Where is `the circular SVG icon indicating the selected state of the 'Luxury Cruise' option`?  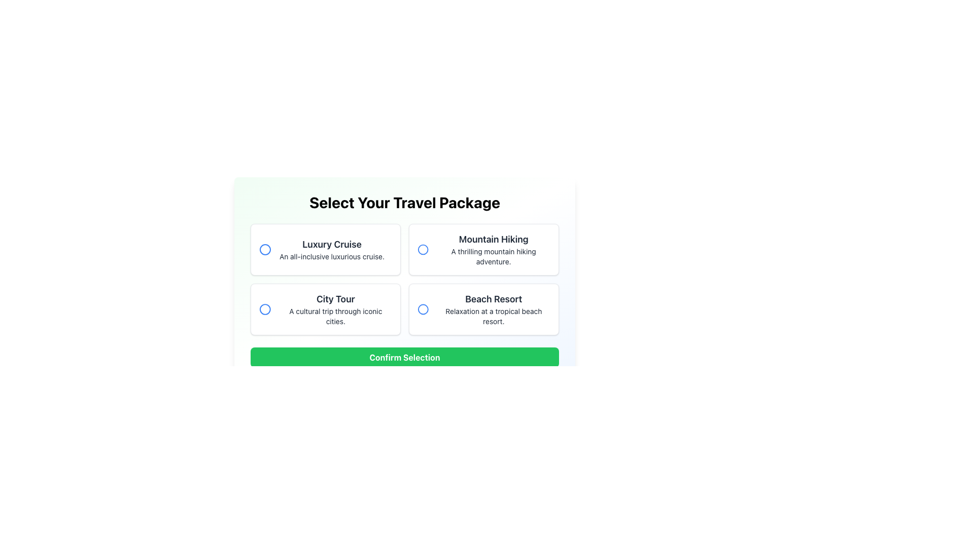
the circular SVG icon indicating the selected state of the 'Luxury Cruise' option is located at coordinates (265, 250).